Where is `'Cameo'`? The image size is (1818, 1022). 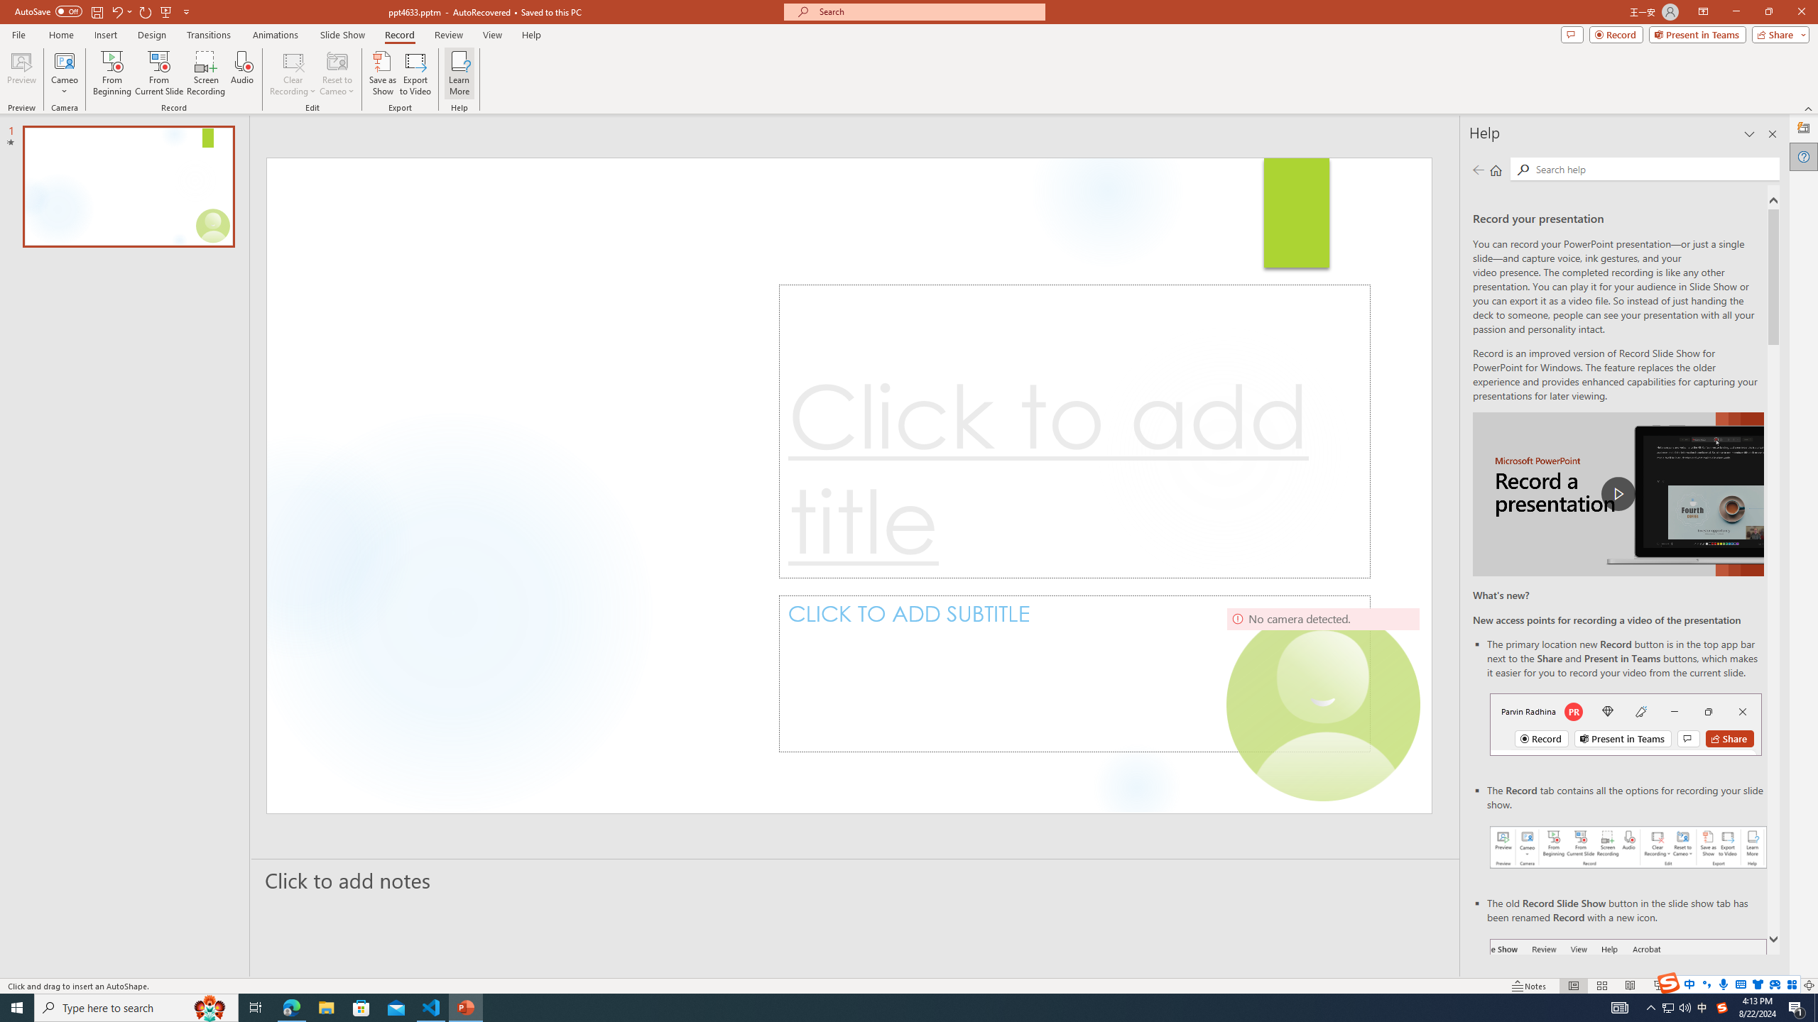
'Cameo' is located at coordinates (63, 73).